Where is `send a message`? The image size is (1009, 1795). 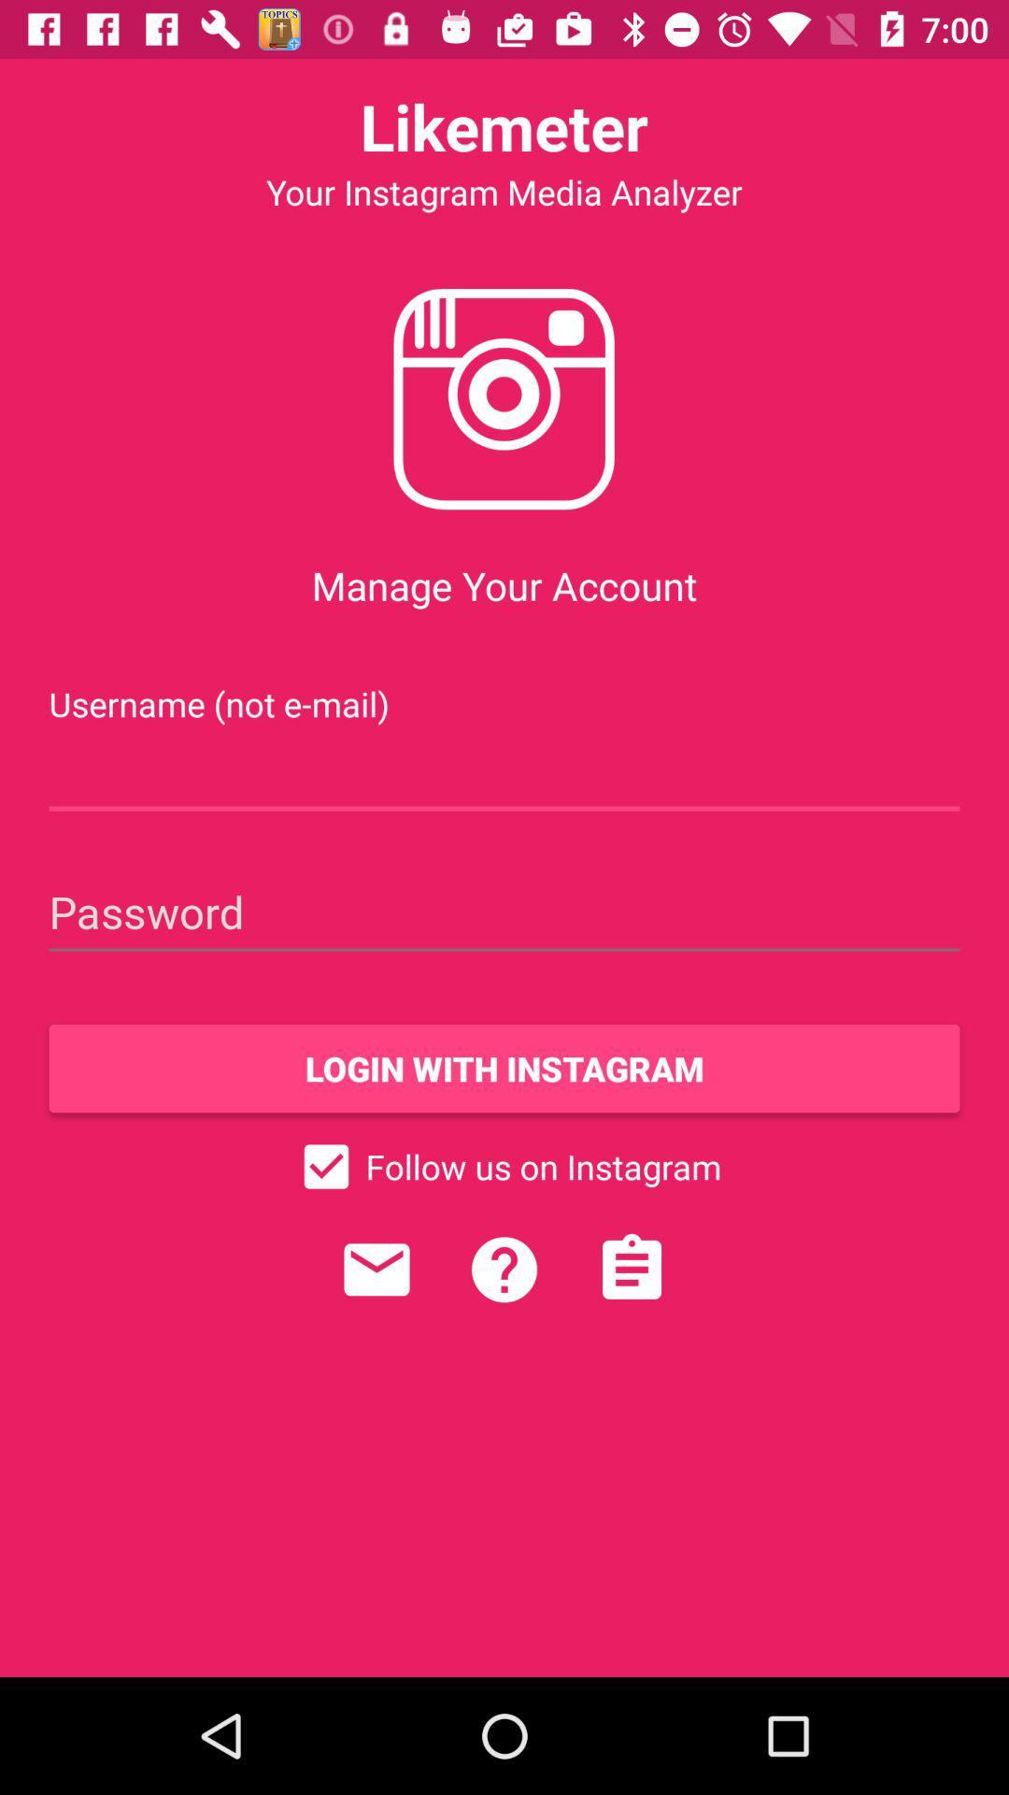
send a message is located at coordinates (377, 1270).